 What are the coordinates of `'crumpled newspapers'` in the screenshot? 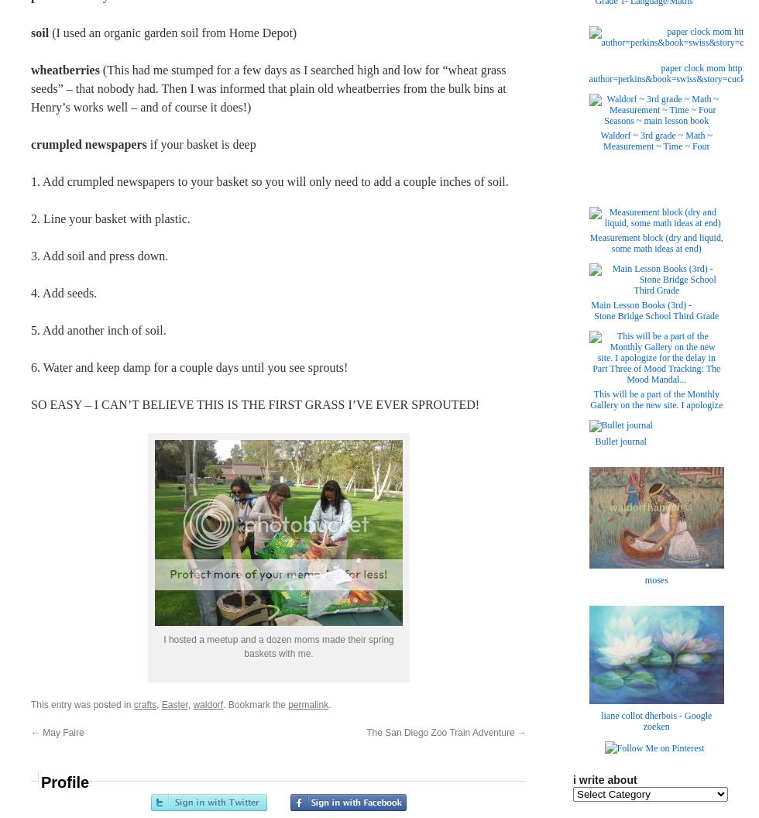 It's located at (88, 144).